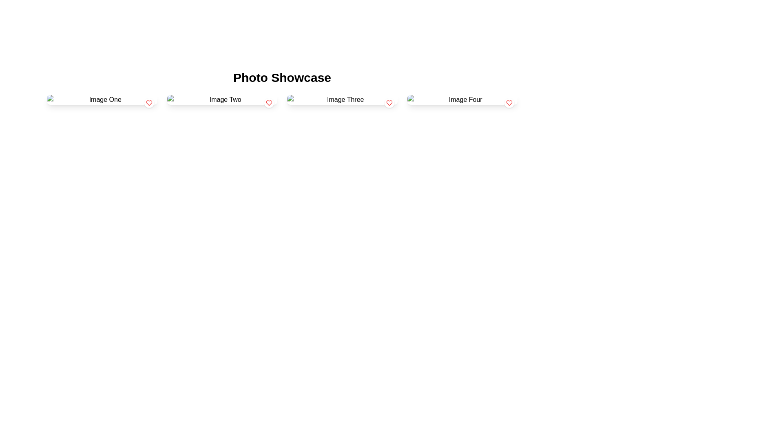  What do you see at coordinates (509, 103) in the screenshot?
I see `the heart-shaped icon with a red border located at the upper-right corner of the card labeled 'Image Four'` at bounding box center [509, 103].